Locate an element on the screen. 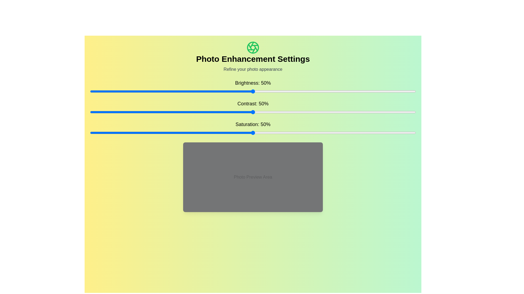  the saturation slider to 33% is located at coordinates (197, 133).